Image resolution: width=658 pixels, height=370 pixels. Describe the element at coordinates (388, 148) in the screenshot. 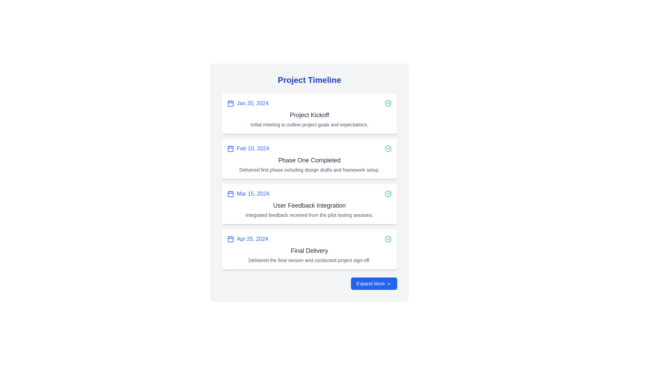

I see `the task completion icon located at the far right of the timeline entry for 'Feb 10, 2024', which indicates that the event has been successfully accomplished` at that location.